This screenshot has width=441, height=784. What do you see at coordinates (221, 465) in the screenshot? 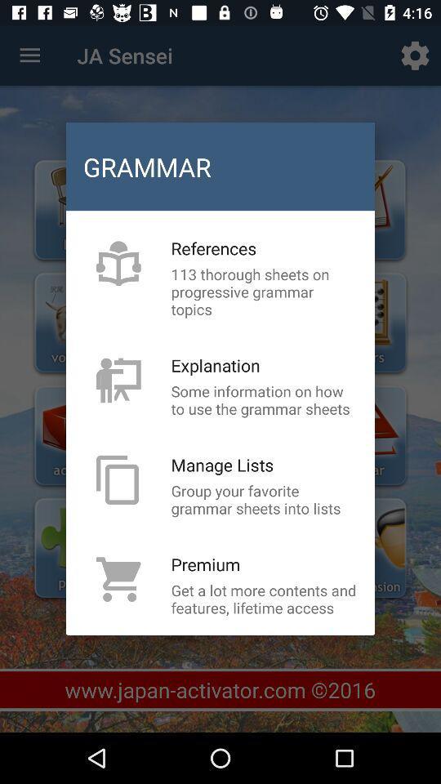
I see `item below the some information on item` at bounding box center [221, 465].